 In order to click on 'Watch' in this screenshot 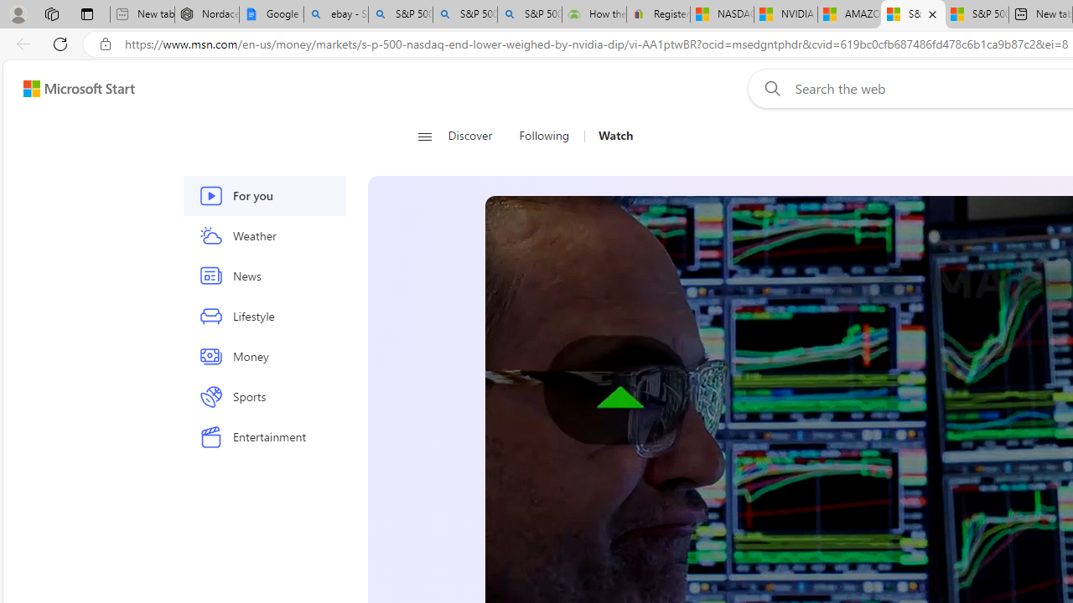, I will do `click(609, 136)`.